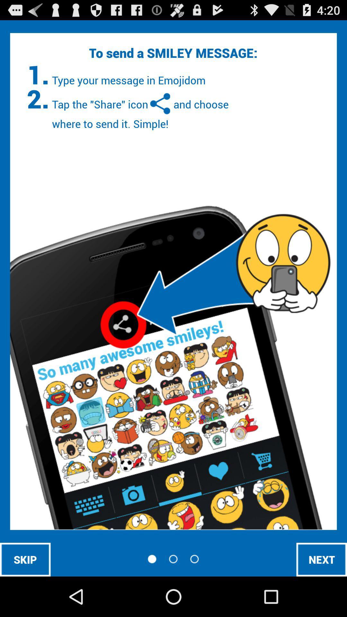 This screenshot has height=617, width=347. I want to click on the skip, so click(25, 559).